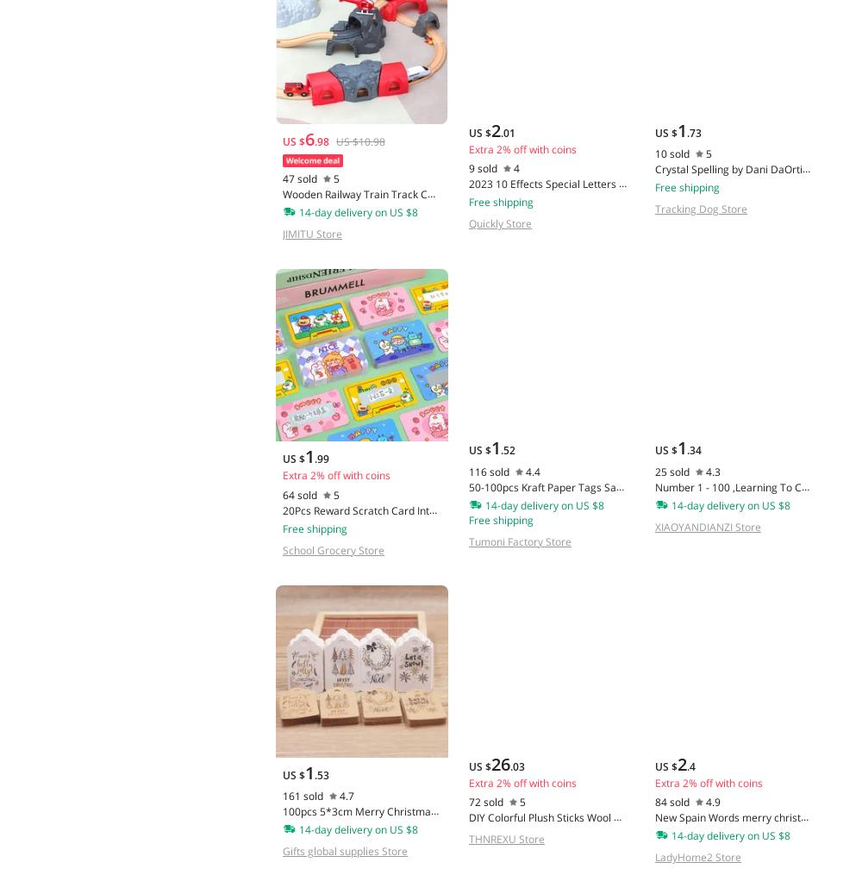 The height and width of the screenshot is (875, 862). What do you see at coordinates (347, 795) in the screenshot?
I see `'4.7'` at bounding box center [347, 795].